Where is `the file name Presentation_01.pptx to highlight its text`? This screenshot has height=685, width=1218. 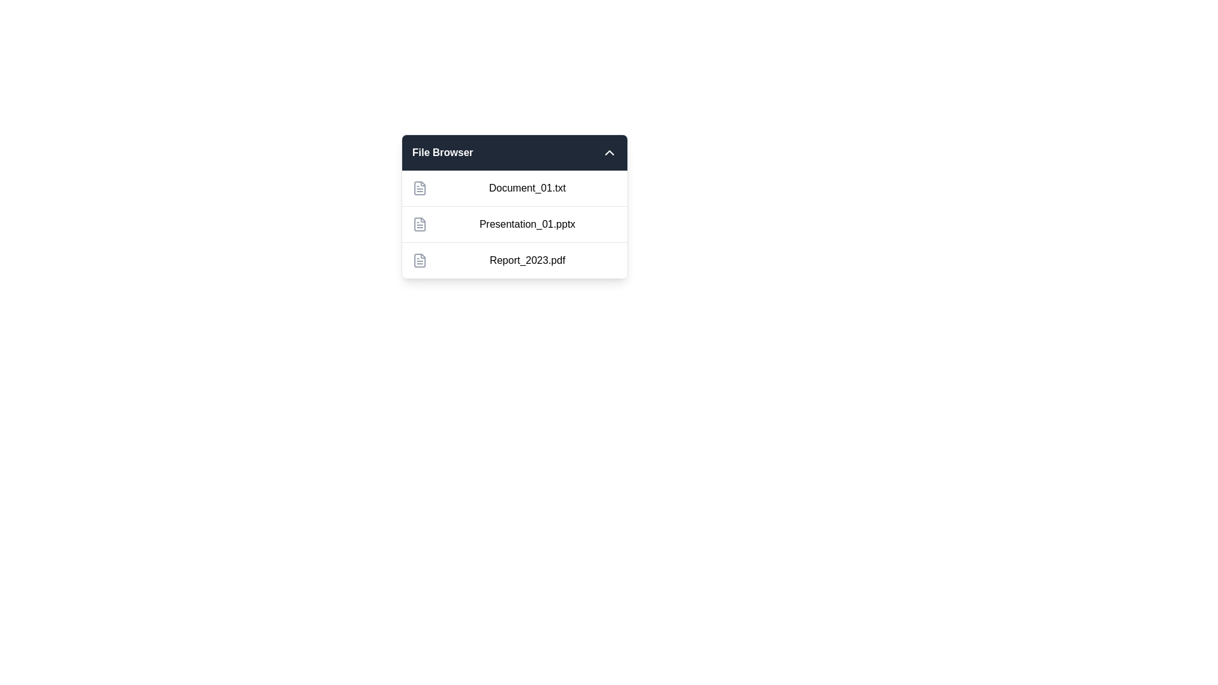
the file name Presentation_01.pptx to highlight its text is located at coordinates (514, 223).